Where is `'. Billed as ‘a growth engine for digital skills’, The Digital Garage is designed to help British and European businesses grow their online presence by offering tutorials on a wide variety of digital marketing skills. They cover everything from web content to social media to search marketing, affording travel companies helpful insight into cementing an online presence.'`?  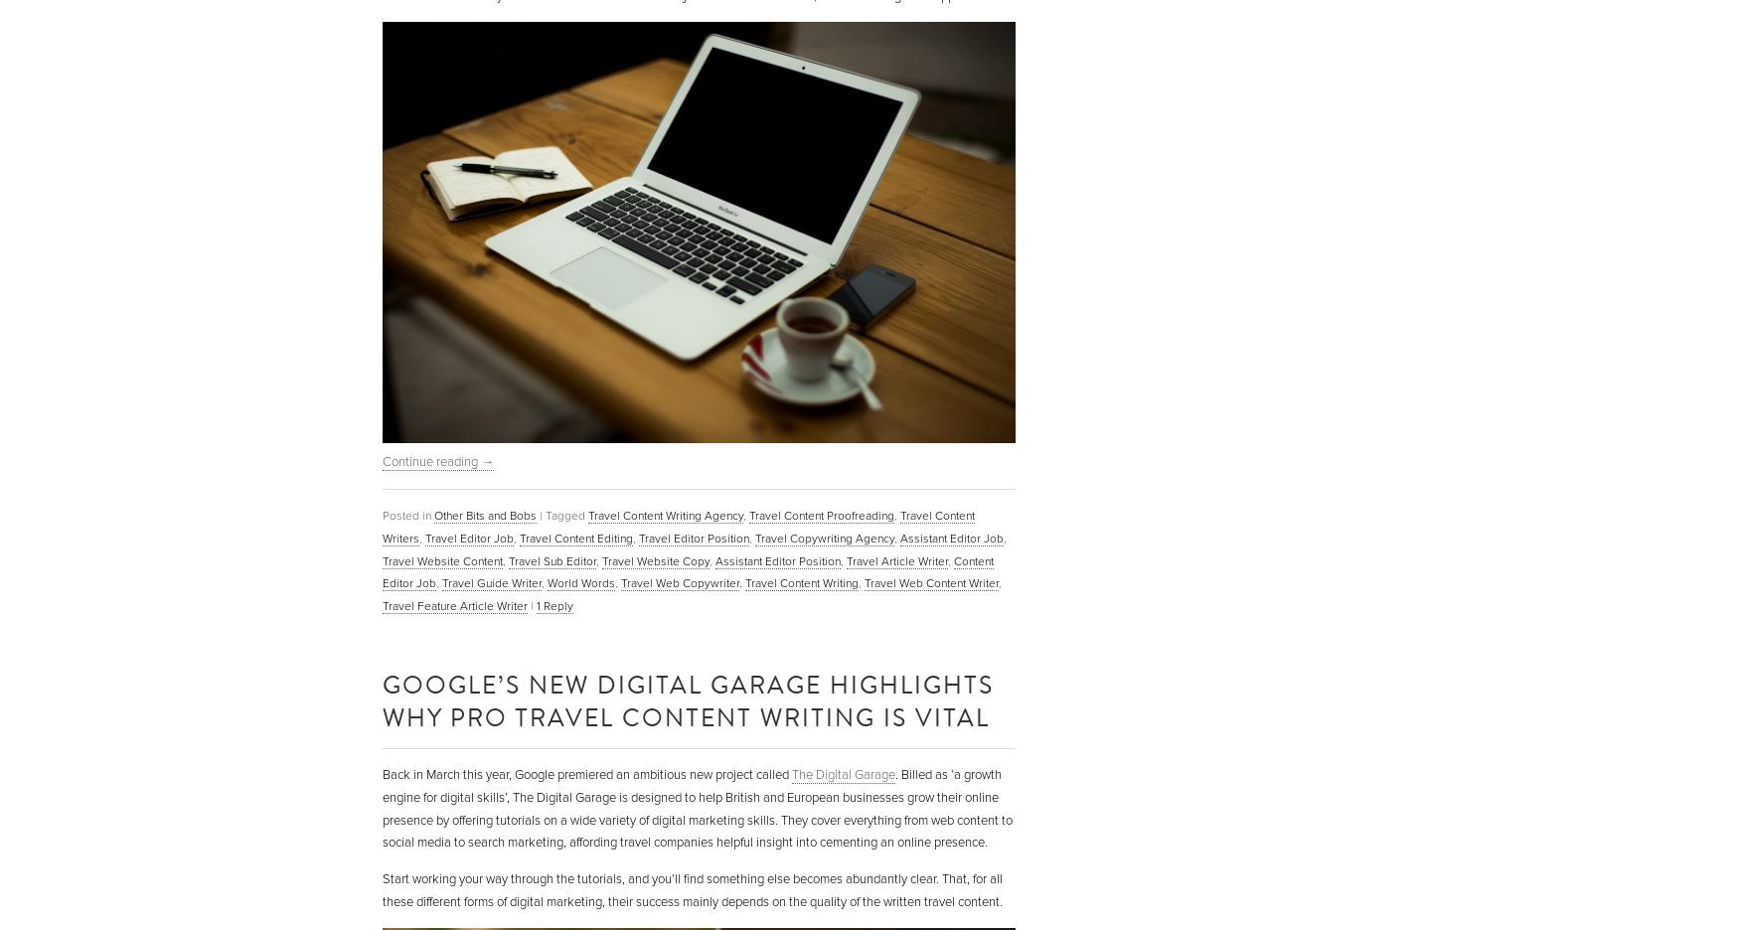 '. Billed as ‘a growth engine for digital skills’, The Digital Garage is designed to help British and European businesses grow their online presence by offering tutorials on a wide variety of digital marketing skills. They cover everything from web content to social media to search marketing, affording travel companies helpful insight into cementing an online presence.' is located at coordinates (697, 807).